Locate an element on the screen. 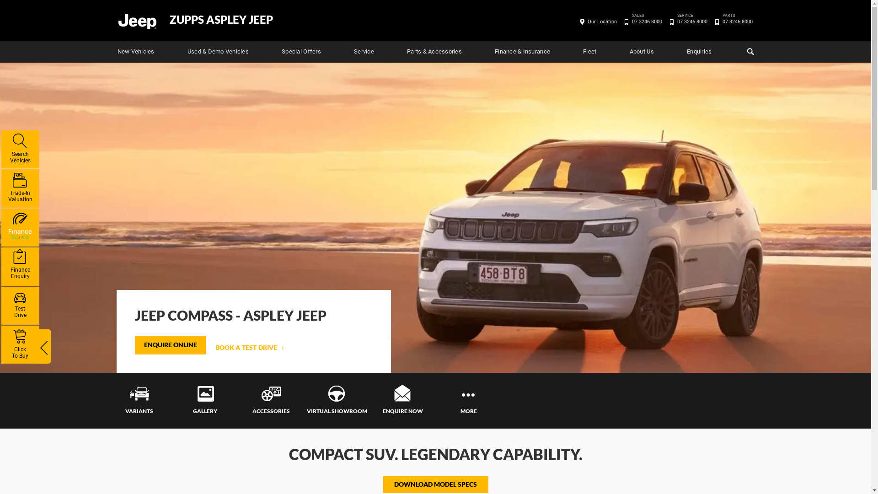 The height and width of the screenshot is (494, 878). 'Search' is located at coordinates (744, 51).